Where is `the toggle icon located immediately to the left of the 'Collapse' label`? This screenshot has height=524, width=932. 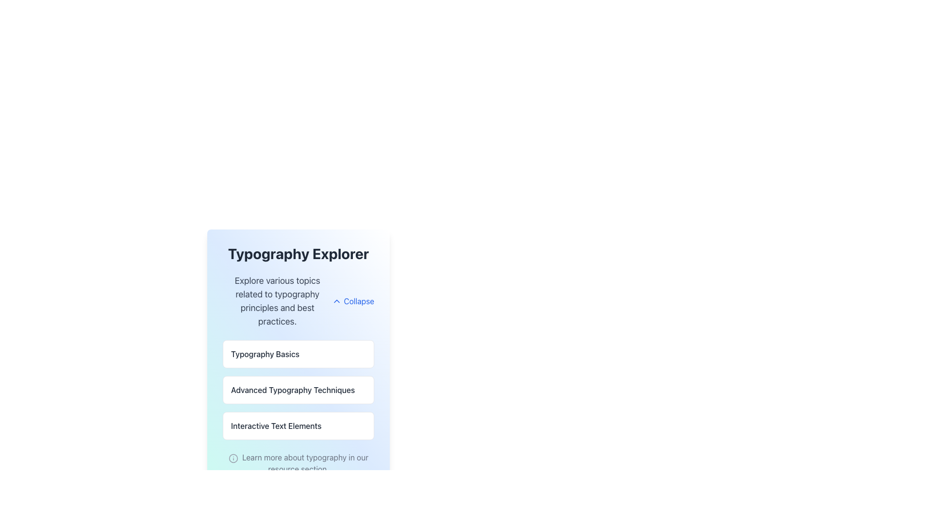
the toggle icon located immediately to the left of the 'Collapse' label is located at coordinates (337, 301).